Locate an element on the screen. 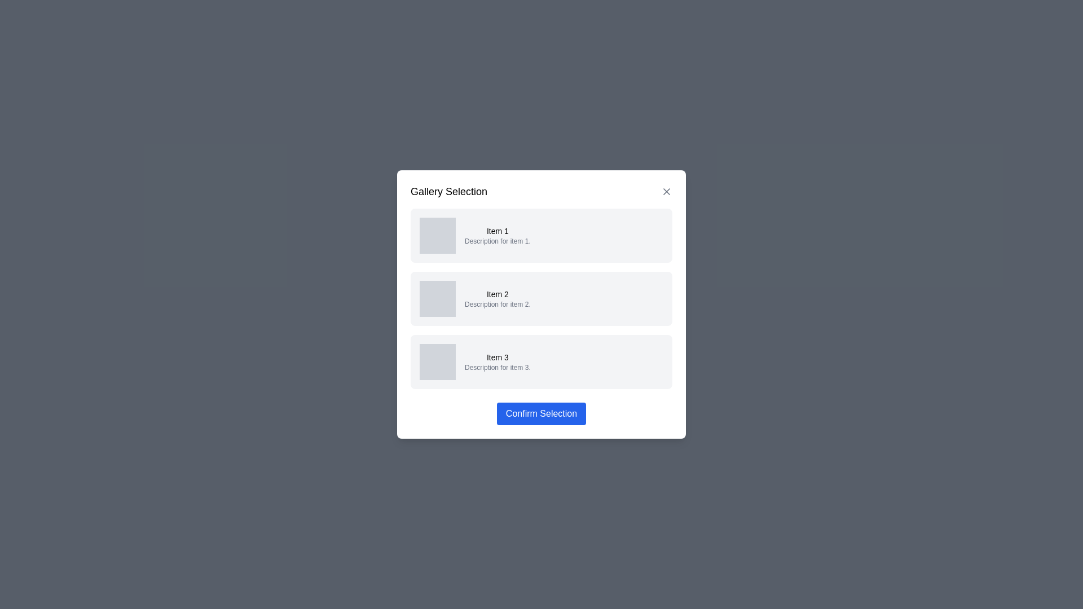 The height and width of the screenshot is (609, 1083). the first item in the selectable list within the modal dialog box, which provides a title and description for the item is located at coordinates (497, 235).